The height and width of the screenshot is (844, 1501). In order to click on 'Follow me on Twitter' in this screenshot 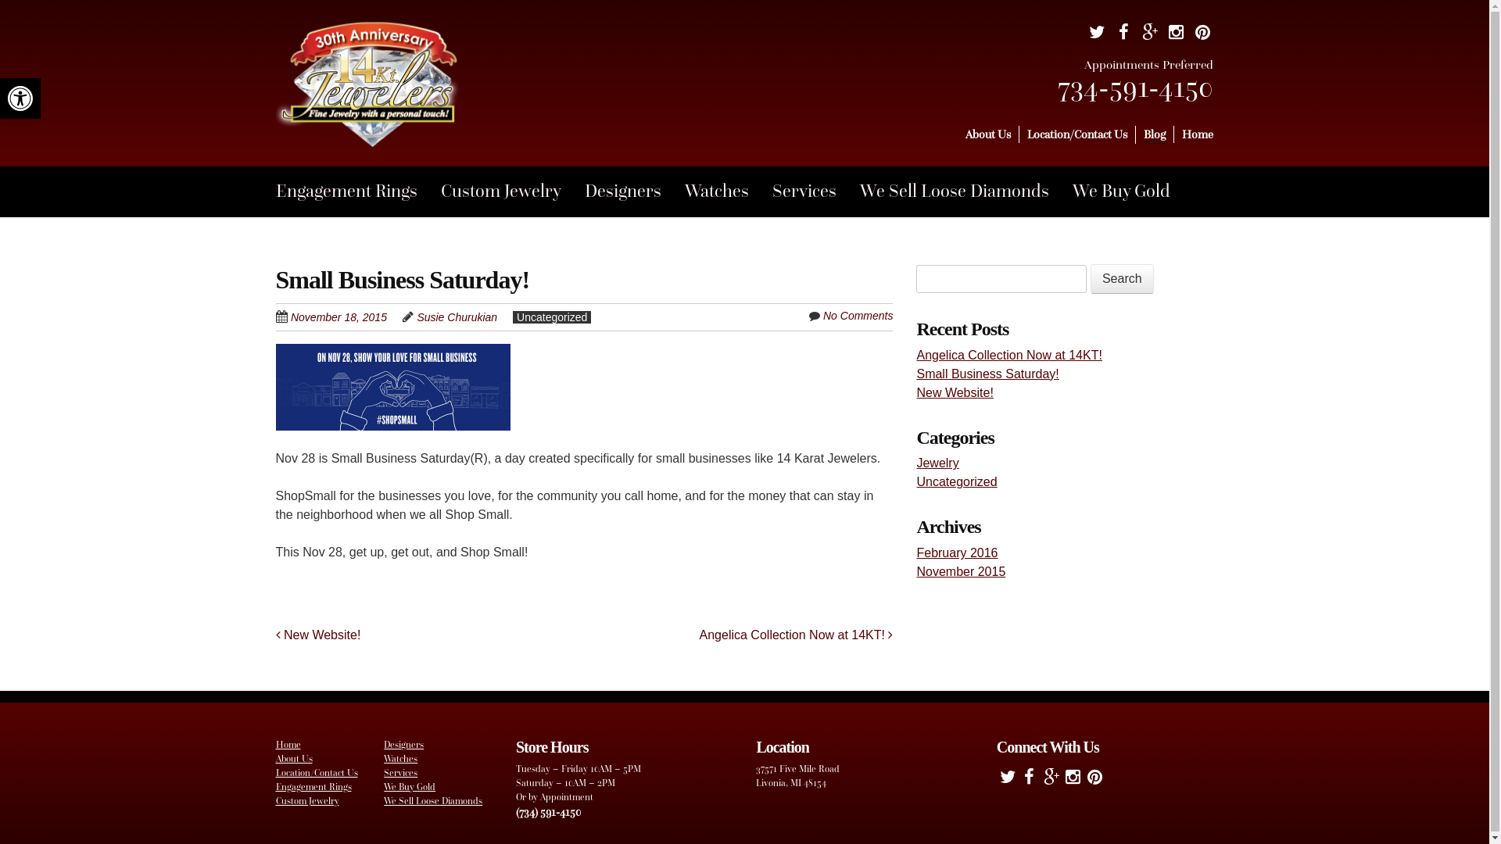, I will do `click(1008, 780)`.